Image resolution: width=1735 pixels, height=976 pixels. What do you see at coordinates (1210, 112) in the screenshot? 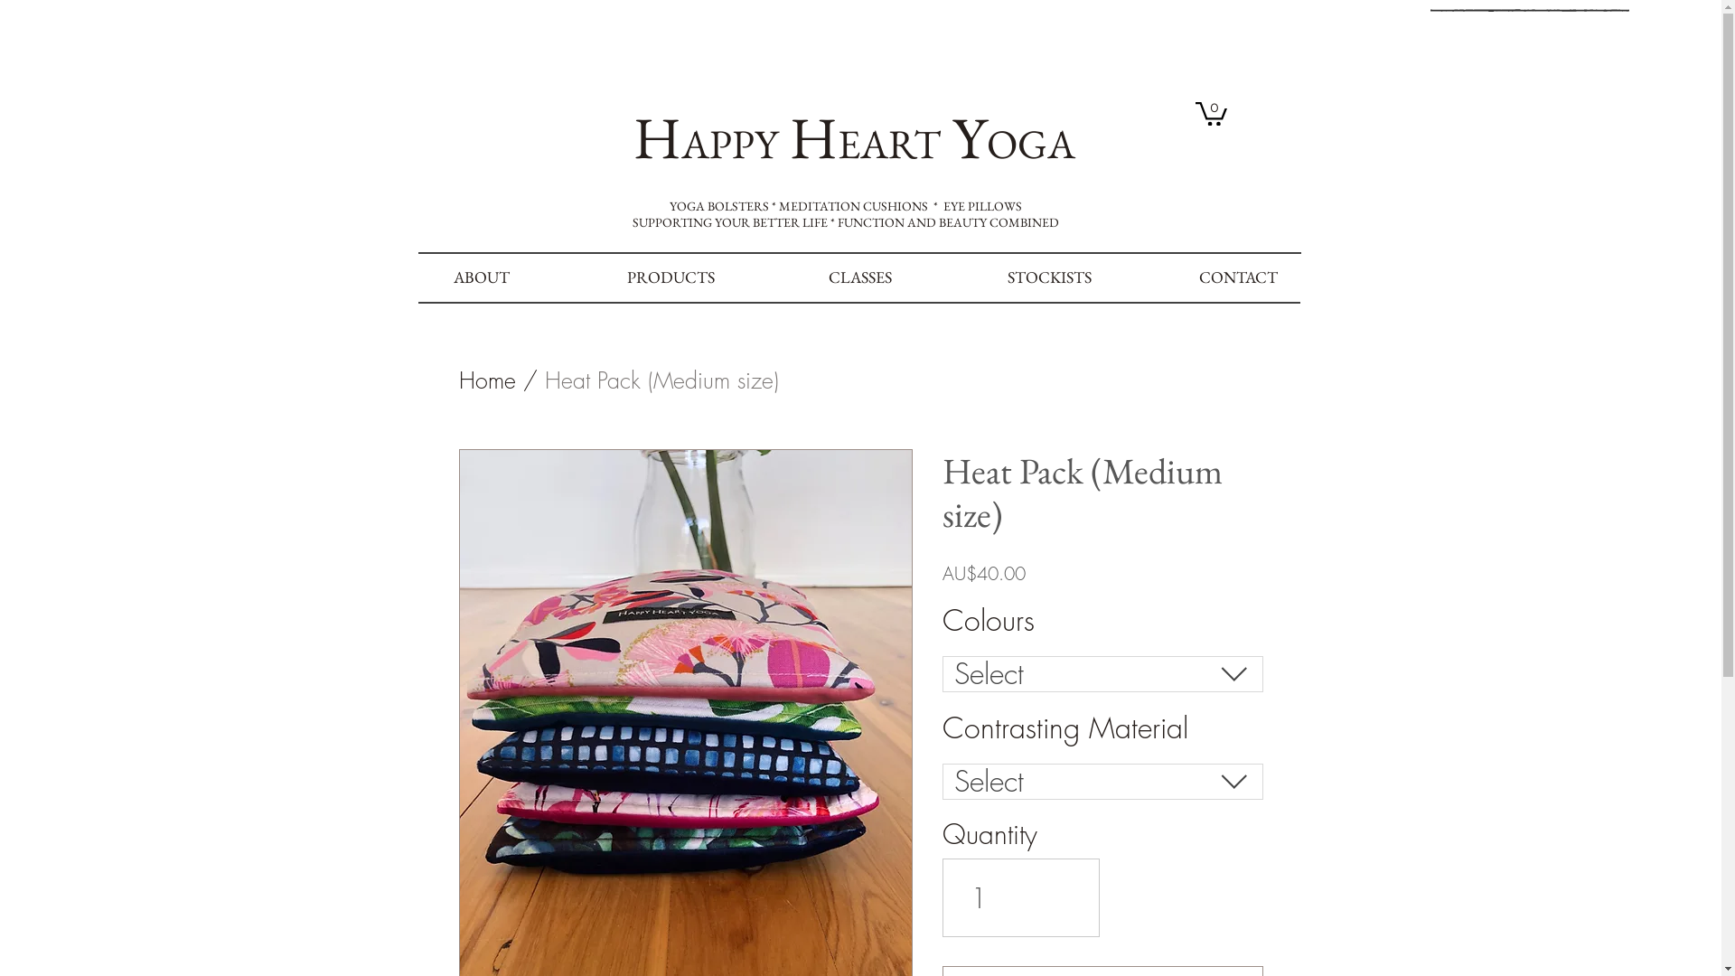
I see `'0'` at bounding box center [1210, 112].